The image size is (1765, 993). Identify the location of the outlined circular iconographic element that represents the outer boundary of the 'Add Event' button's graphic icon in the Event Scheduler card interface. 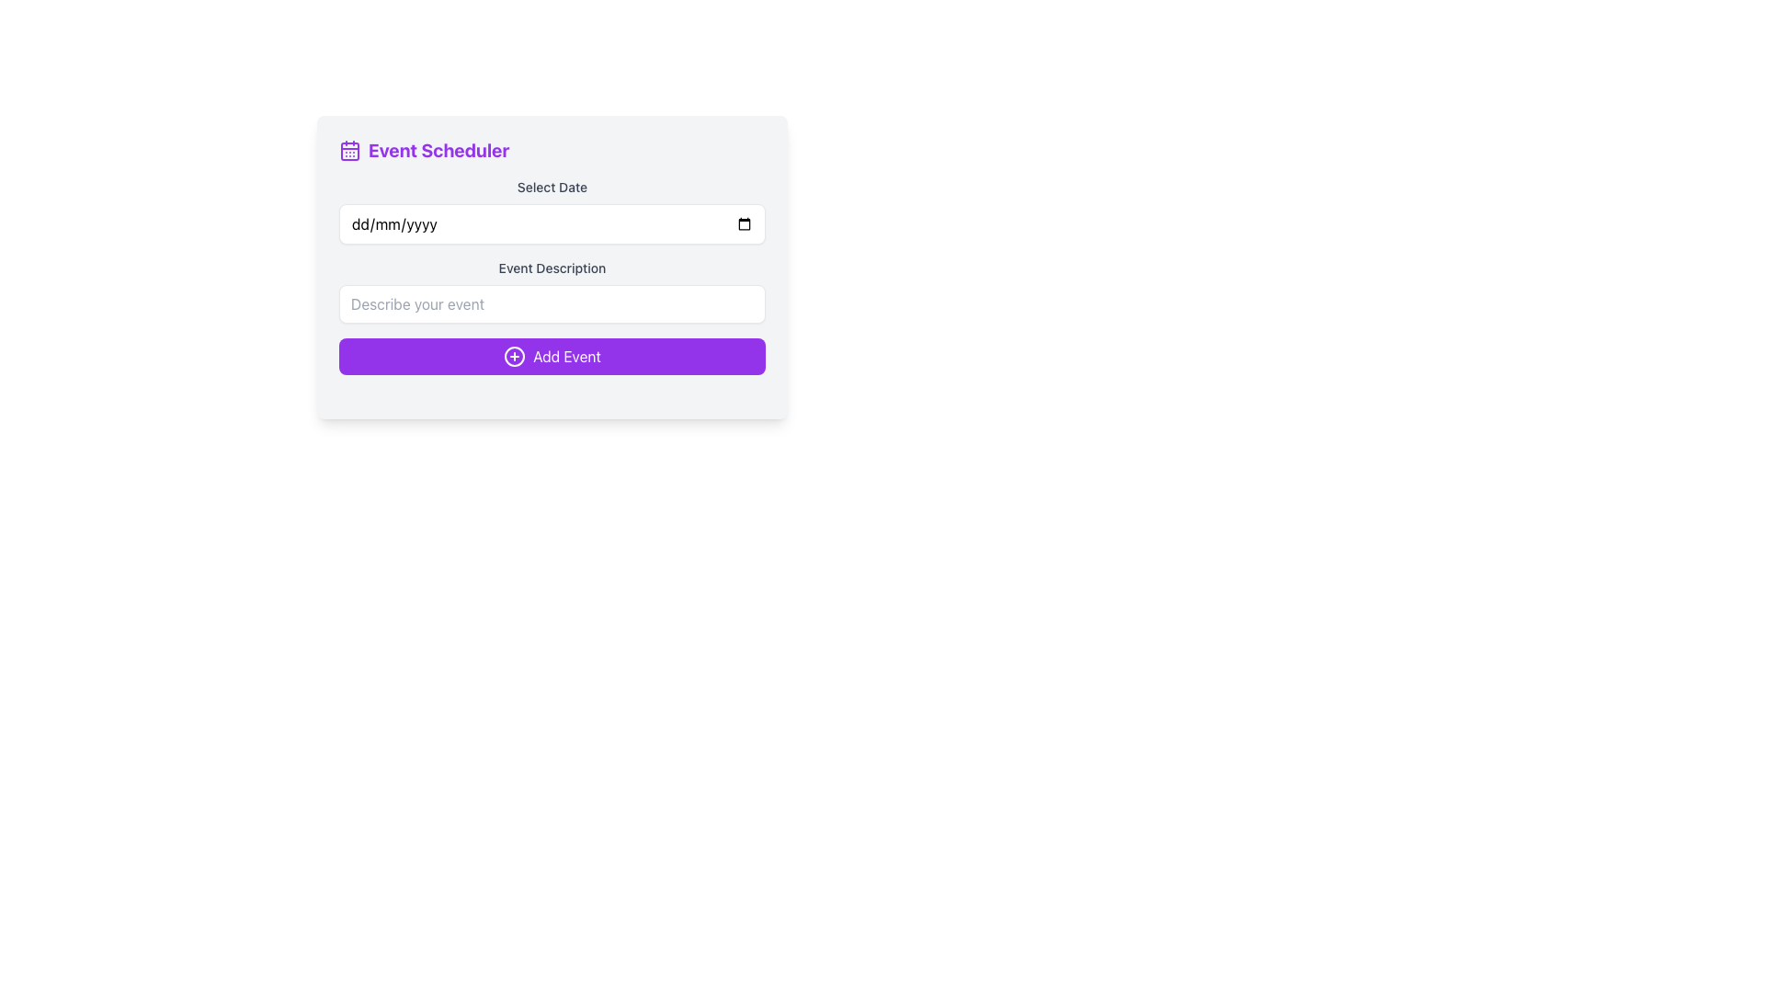
(515, 357).